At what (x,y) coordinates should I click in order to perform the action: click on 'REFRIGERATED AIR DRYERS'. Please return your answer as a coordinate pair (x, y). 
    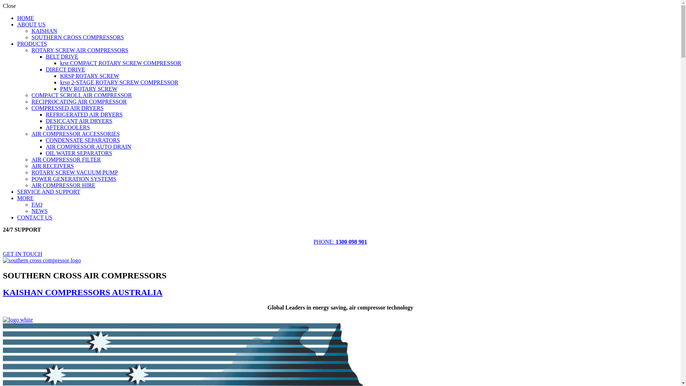
    Looking at the image, I should click on (84, 114).